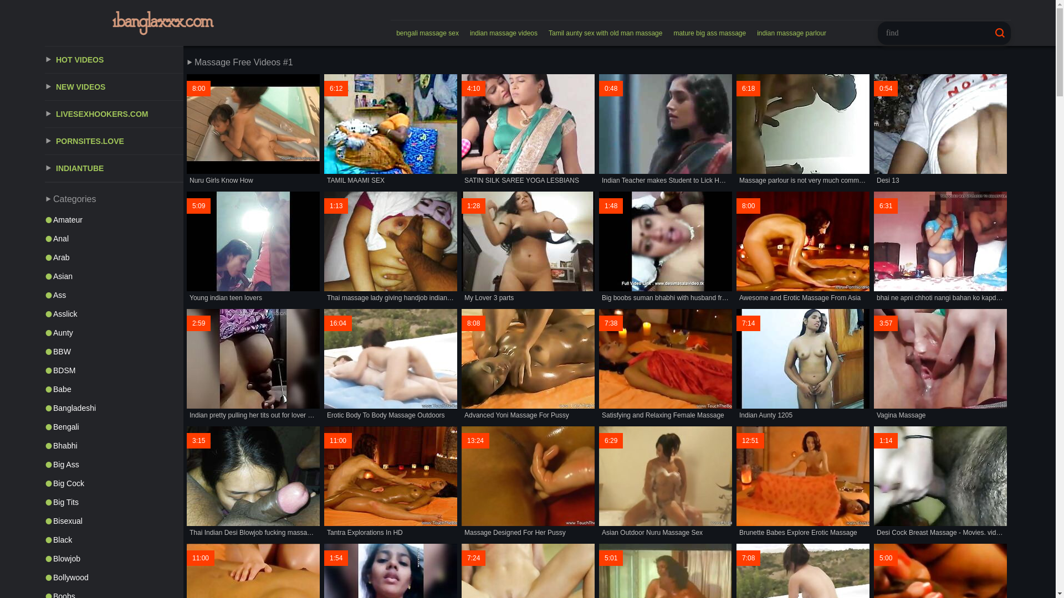  Describe the element at coordinates (462, 365) in the screenshot. I see `'8:08` at that location.